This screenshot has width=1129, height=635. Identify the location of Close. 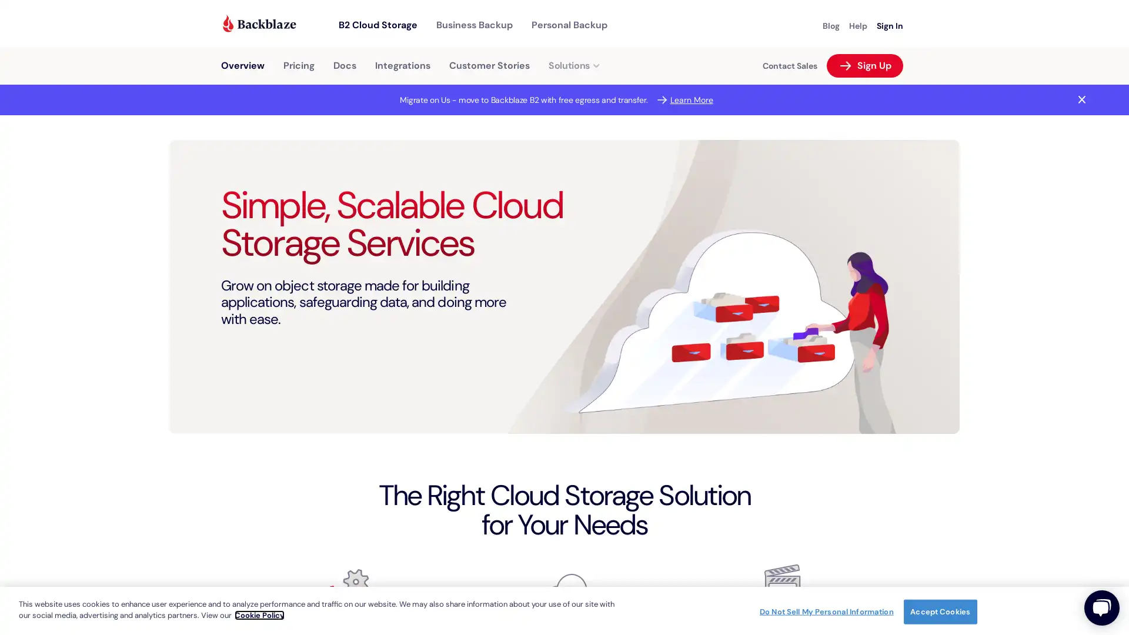
(1101, 609).